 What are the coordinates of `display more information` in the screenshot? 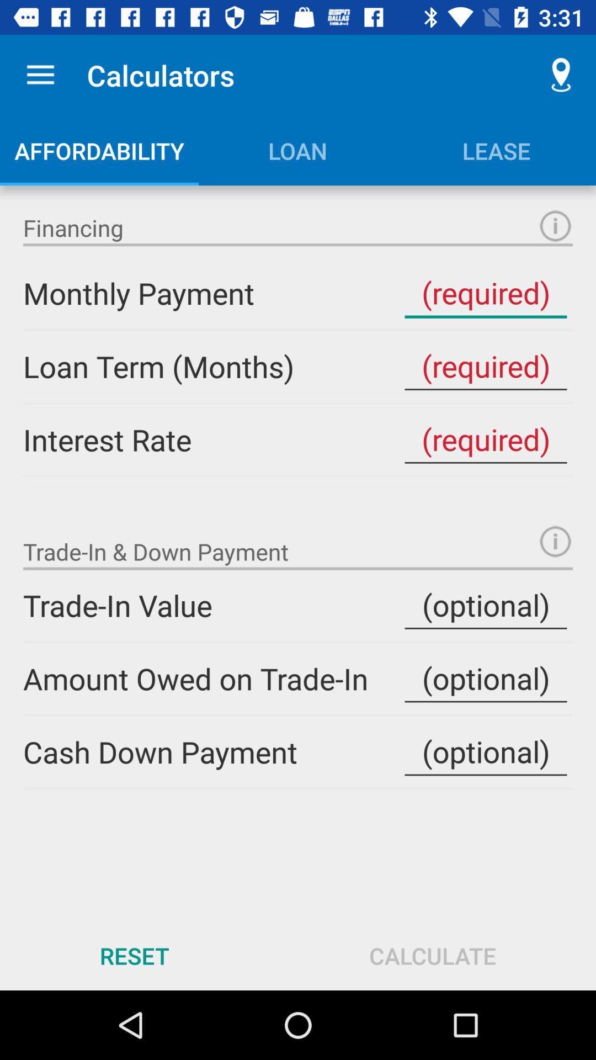 It's located at (555, 541).